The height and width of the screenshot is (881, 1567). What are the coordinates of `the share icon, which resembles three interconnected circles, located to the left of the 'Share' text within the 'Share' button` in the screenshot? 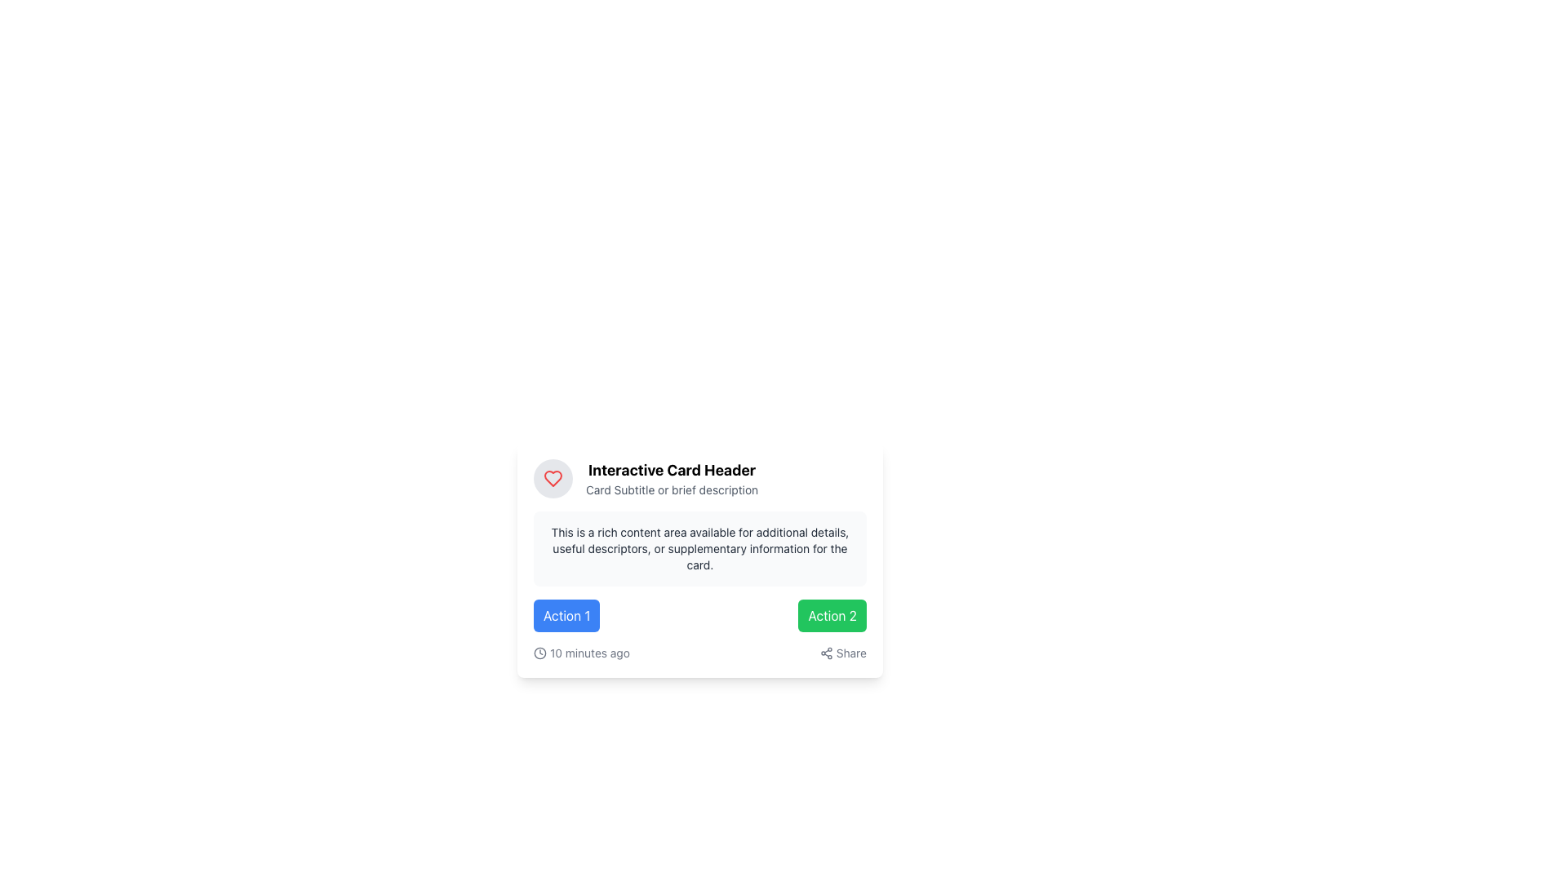 It's located at (826, 653).